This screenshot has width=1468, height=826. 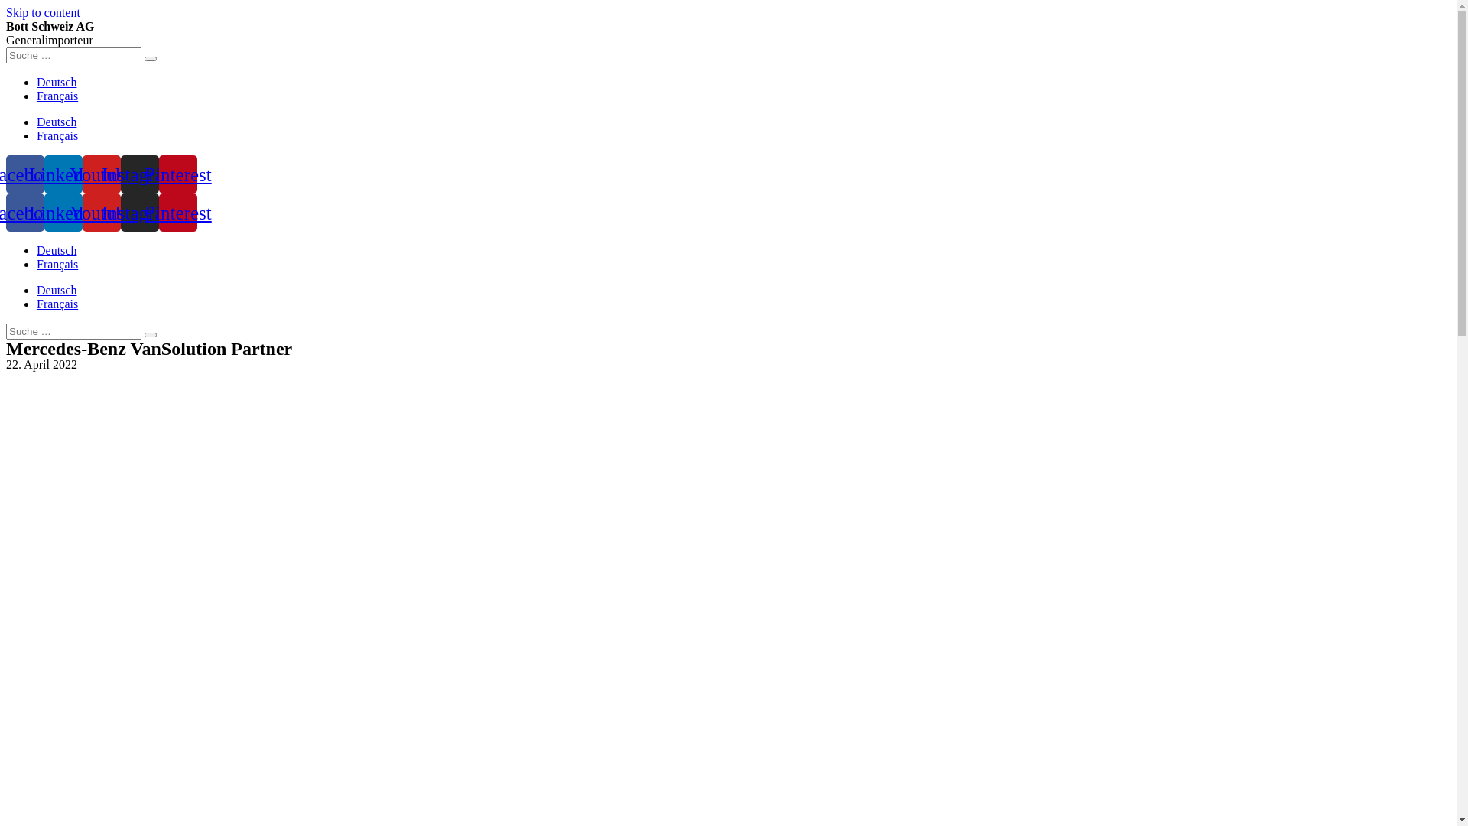 What do you see at coordinates (62, 212) in the screenshot?
I see `'Linkedin'` at bounding box center [62, 212].